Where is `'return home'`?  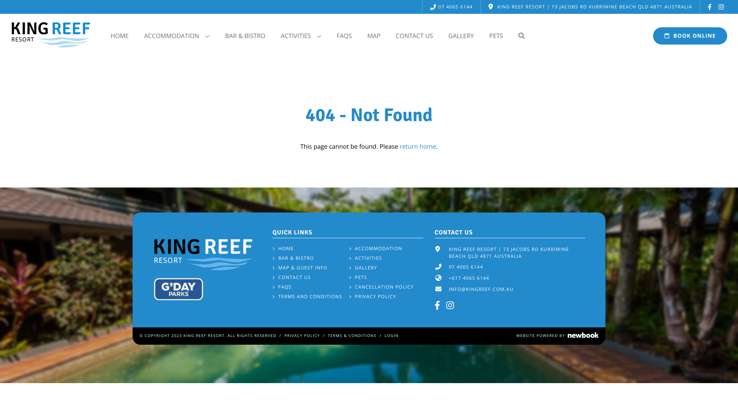 'return home' is located at coordinates (417, 146).